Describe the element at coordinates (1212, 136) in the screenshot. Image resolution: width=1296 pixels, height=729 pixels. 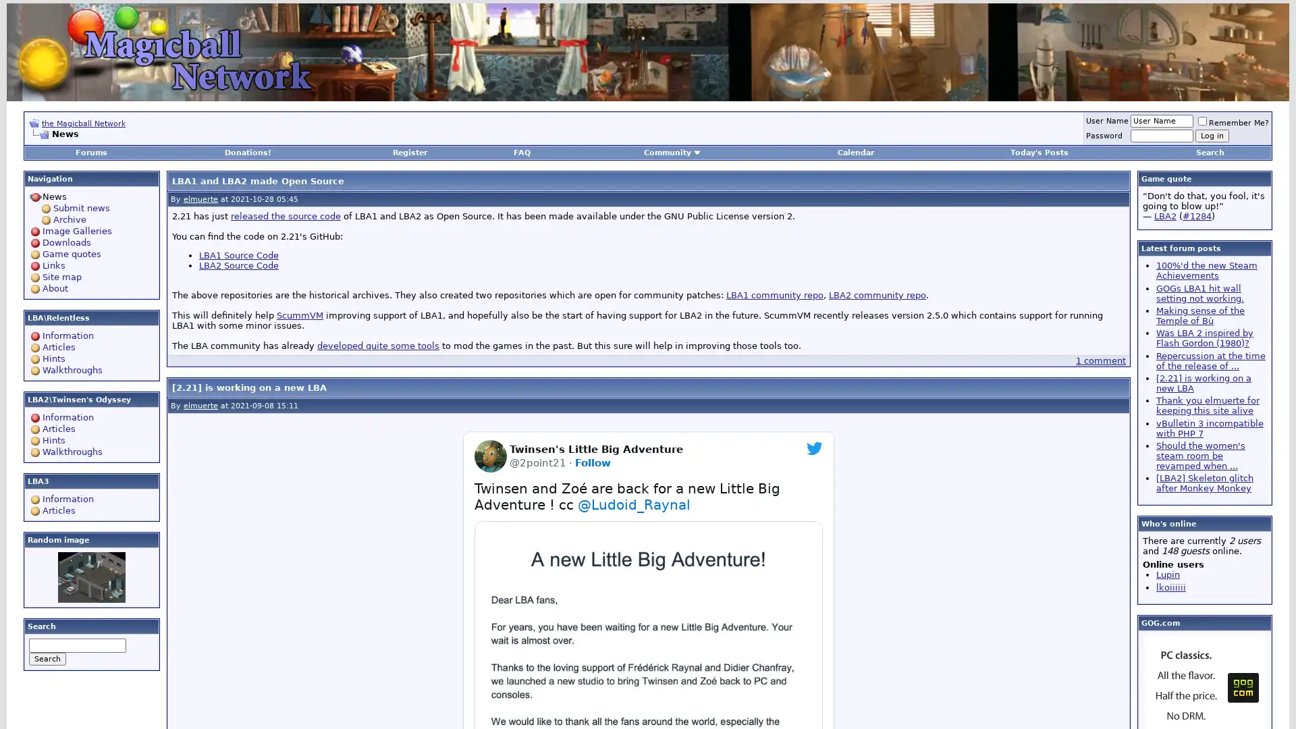
I see `Log in` at that location.